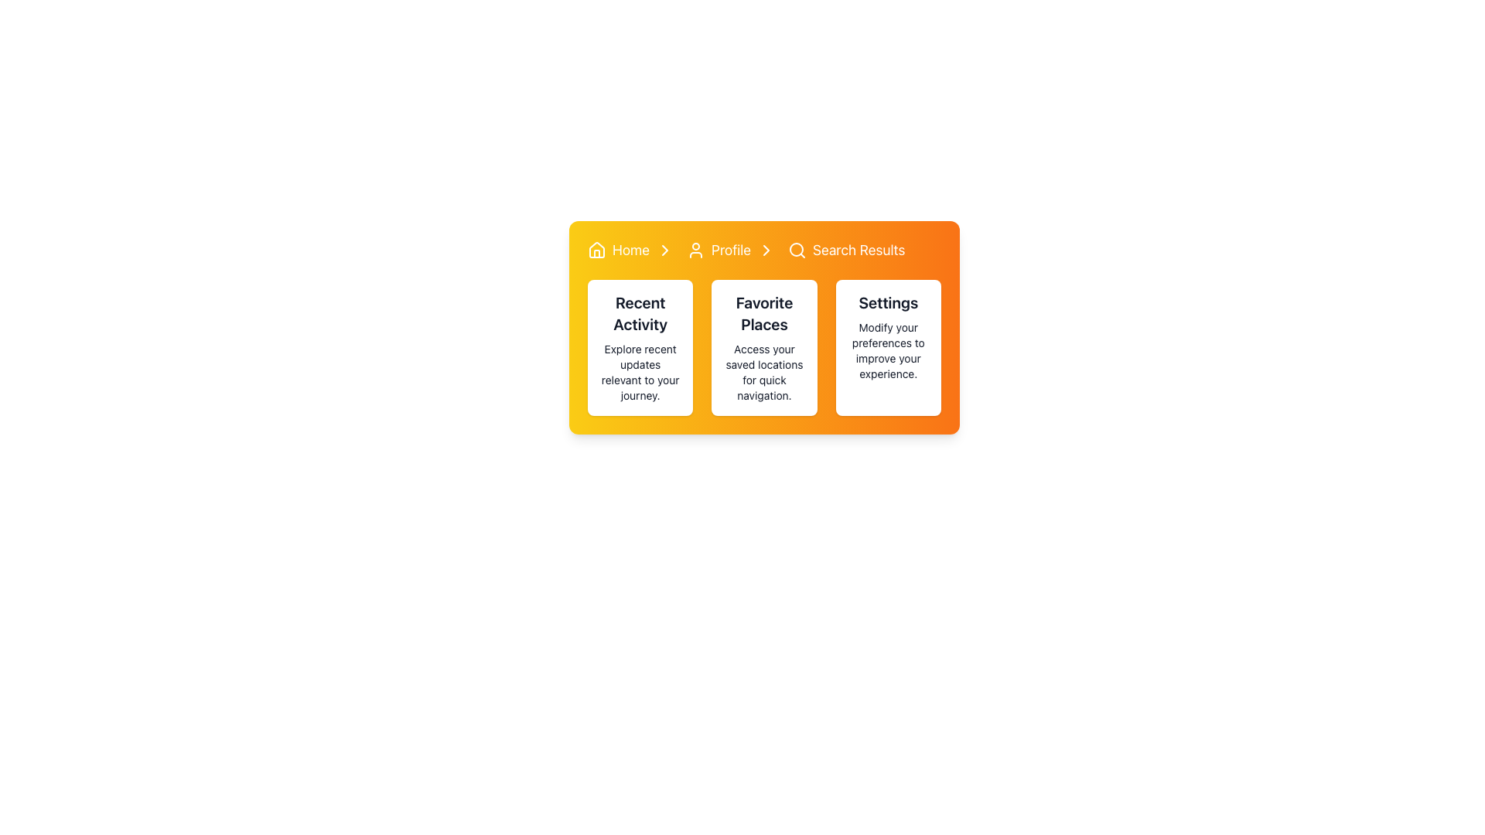 This screenshot has height=835, width=1485. What do you see at coordinates (631, 250) in the screenshot?
I see `the 'Home' breadcrumb navigation link located at the top left of the horizontal navigation menu` at bounding box center [631, 250].